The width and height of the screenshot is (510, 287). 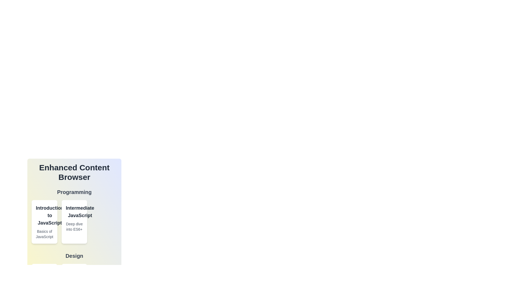 What do you see at coordinates (74, 283) in the screenshot?
I see `the card titled 'Typography'` at bounding box center [74, 283].